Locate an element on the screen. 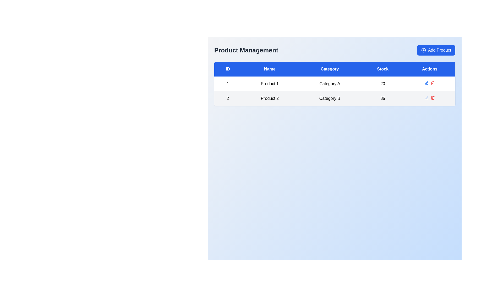  the delete icon located in the 'Actions' column of the second row of the table to initiate deletion is located at coordinates (430, 98).